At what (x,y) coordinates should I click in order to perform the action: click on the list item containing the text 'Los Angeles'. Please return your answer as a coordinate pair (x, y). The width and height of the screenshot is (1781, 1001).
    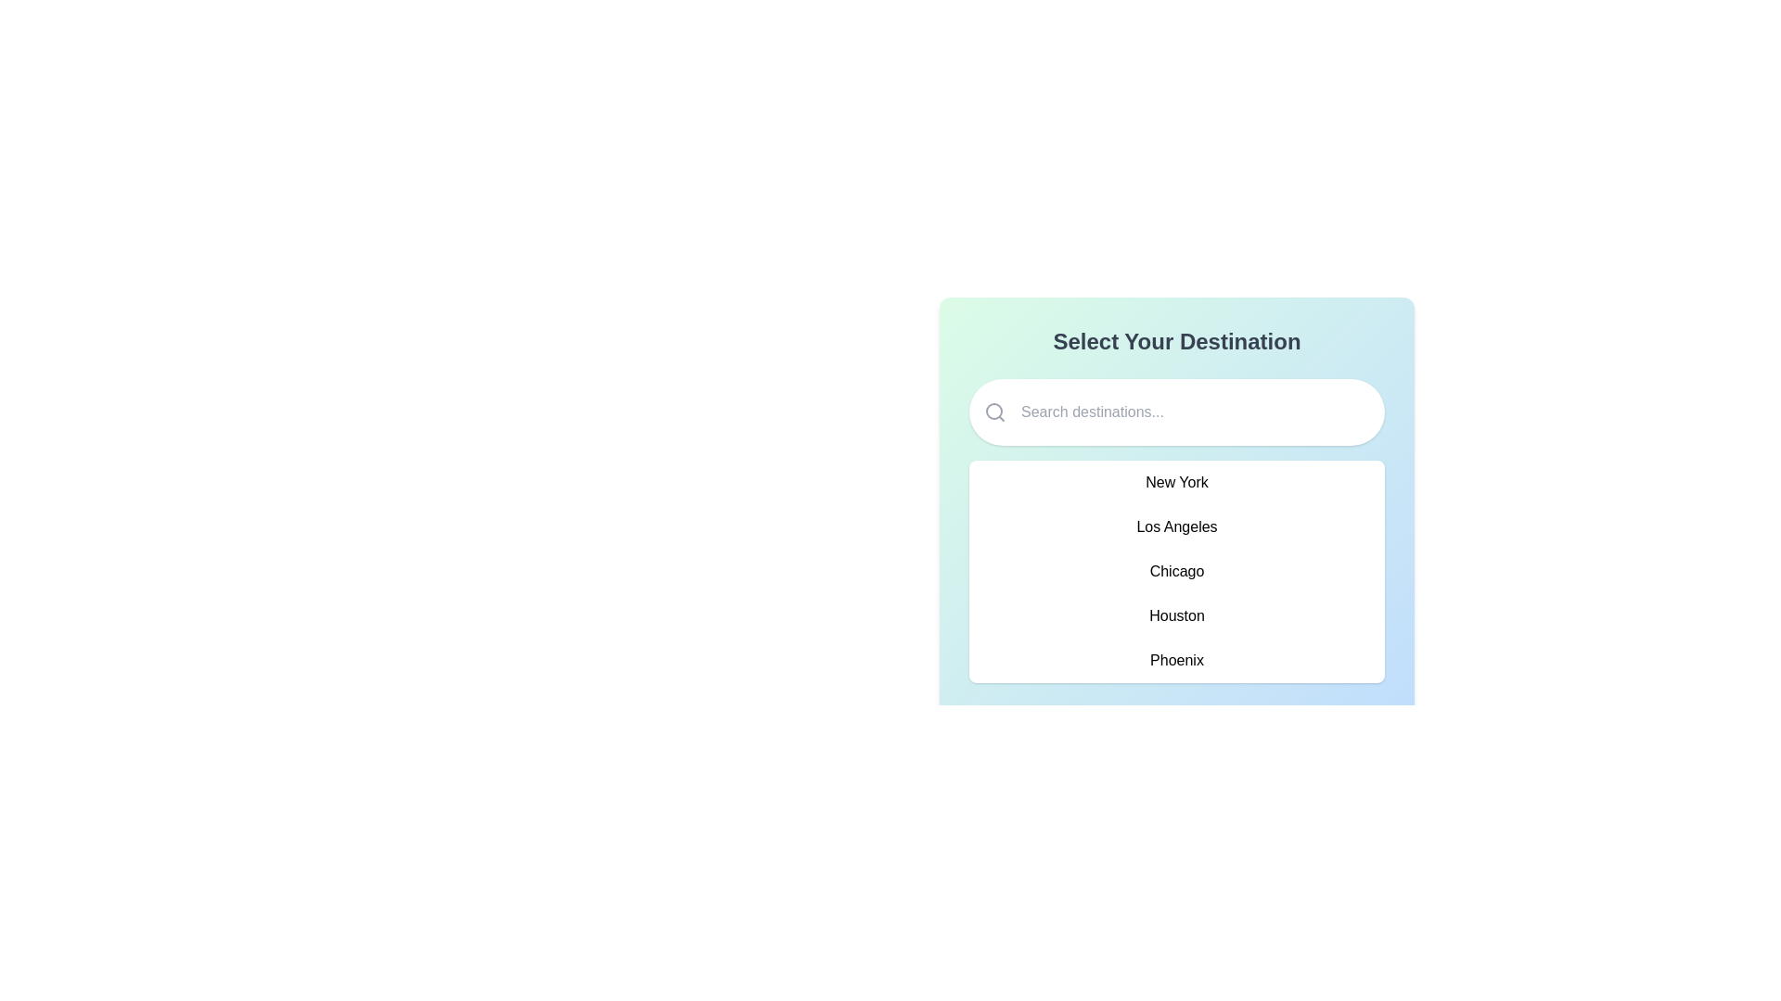
    Looking at the image, I should click on (1175, 535).